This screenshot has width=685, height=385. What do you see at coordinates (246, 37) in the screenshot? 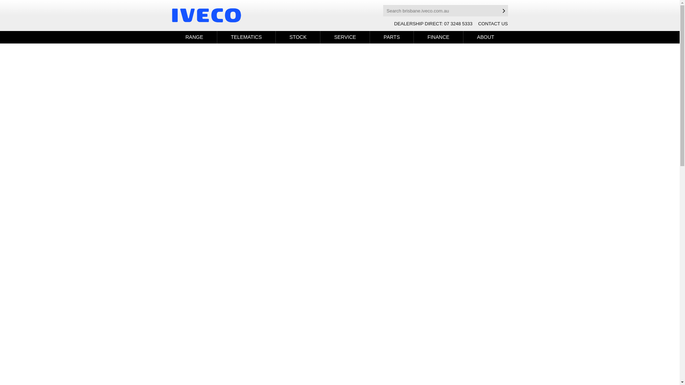
I see `'TELEMATICS'` at bounding box center [246, 37].